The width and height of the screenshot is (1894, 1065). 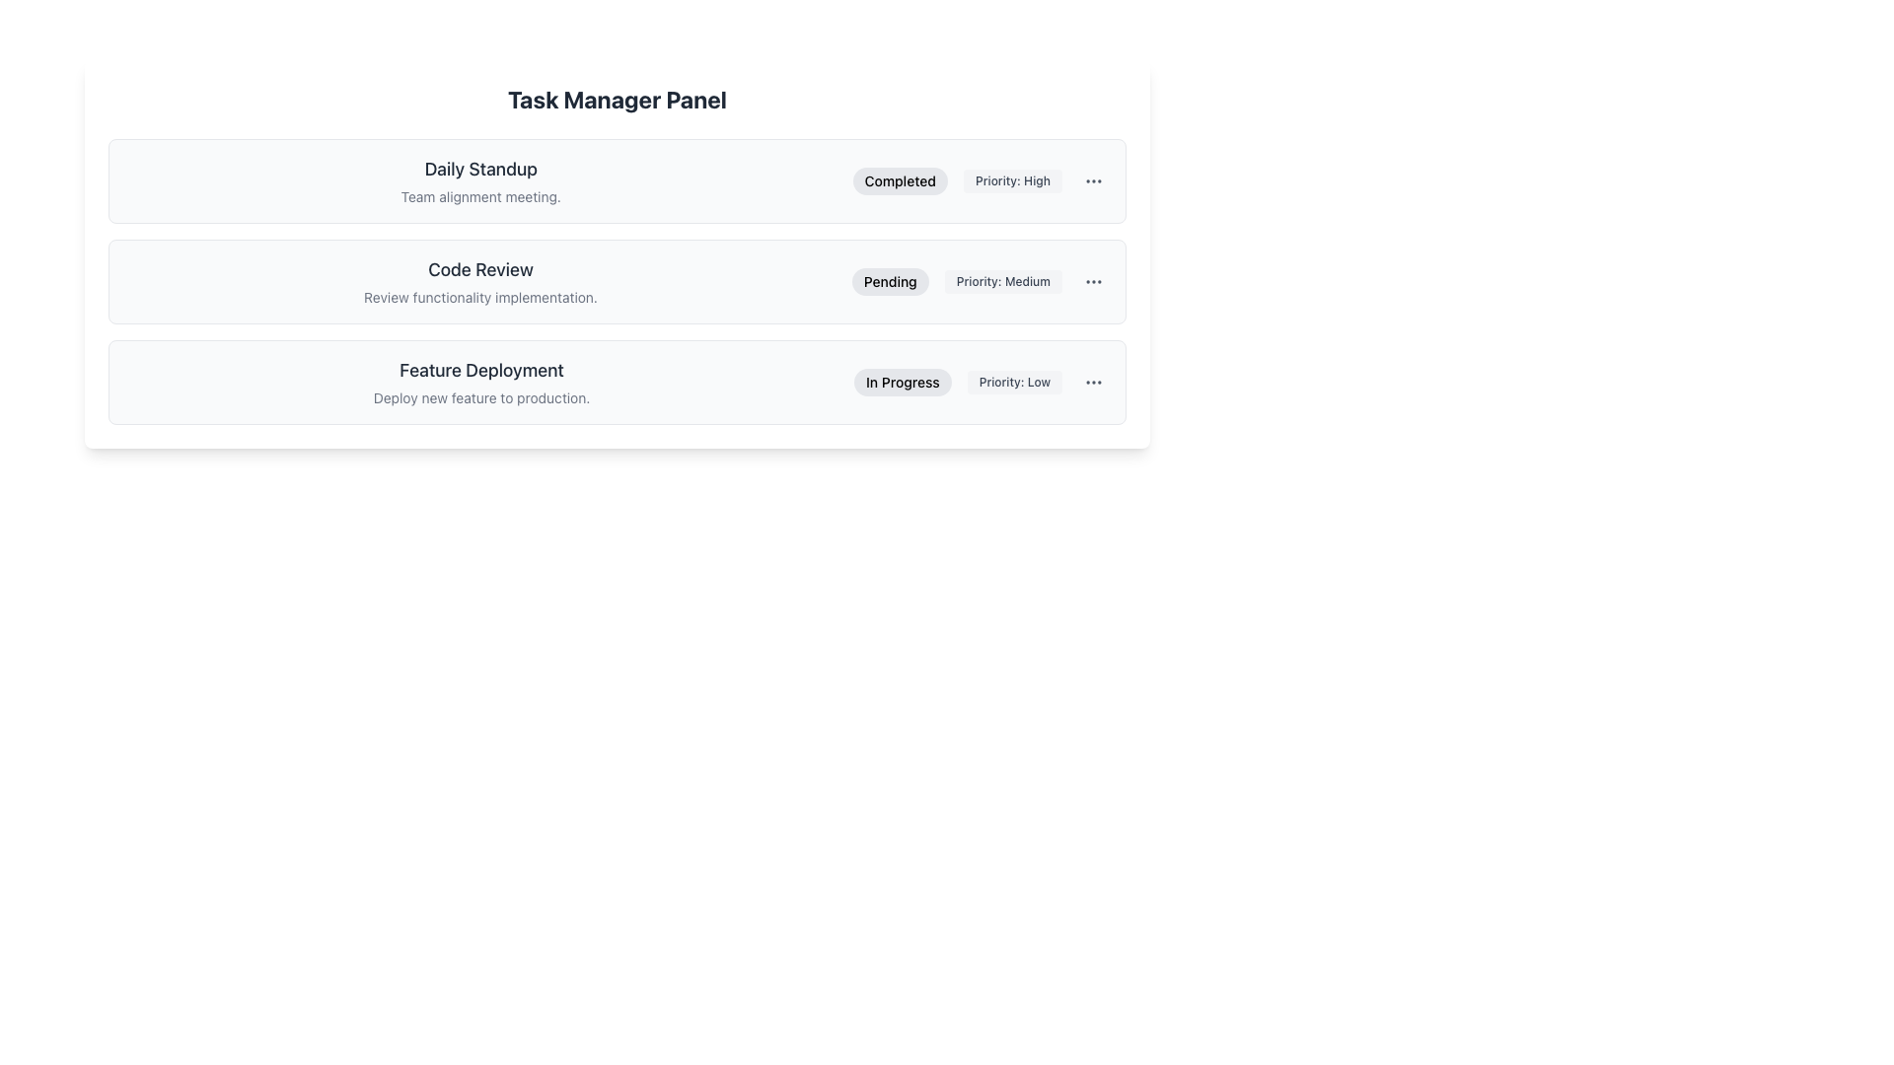 What do you see at coordinates (481, 370) in the screenshot?
I see `the text label that contains the phrase 'Feature Deployment', which is styled in bold and dark gray, positioned at the top of its section within a card-like structure` at bounding box center [481, 370].